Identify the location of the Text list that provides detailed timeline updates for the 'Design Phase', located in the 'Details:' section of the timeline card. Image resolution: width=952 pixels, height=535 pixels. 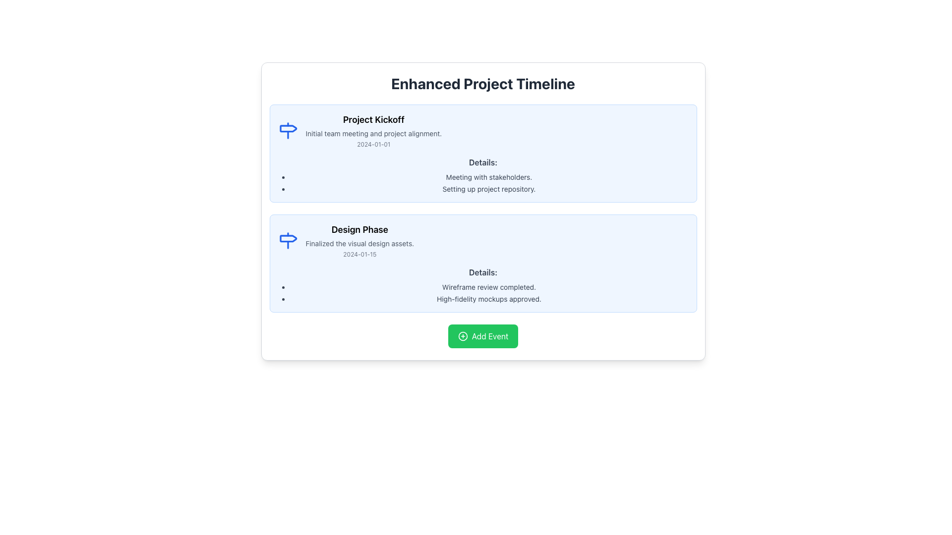
(483, 292).